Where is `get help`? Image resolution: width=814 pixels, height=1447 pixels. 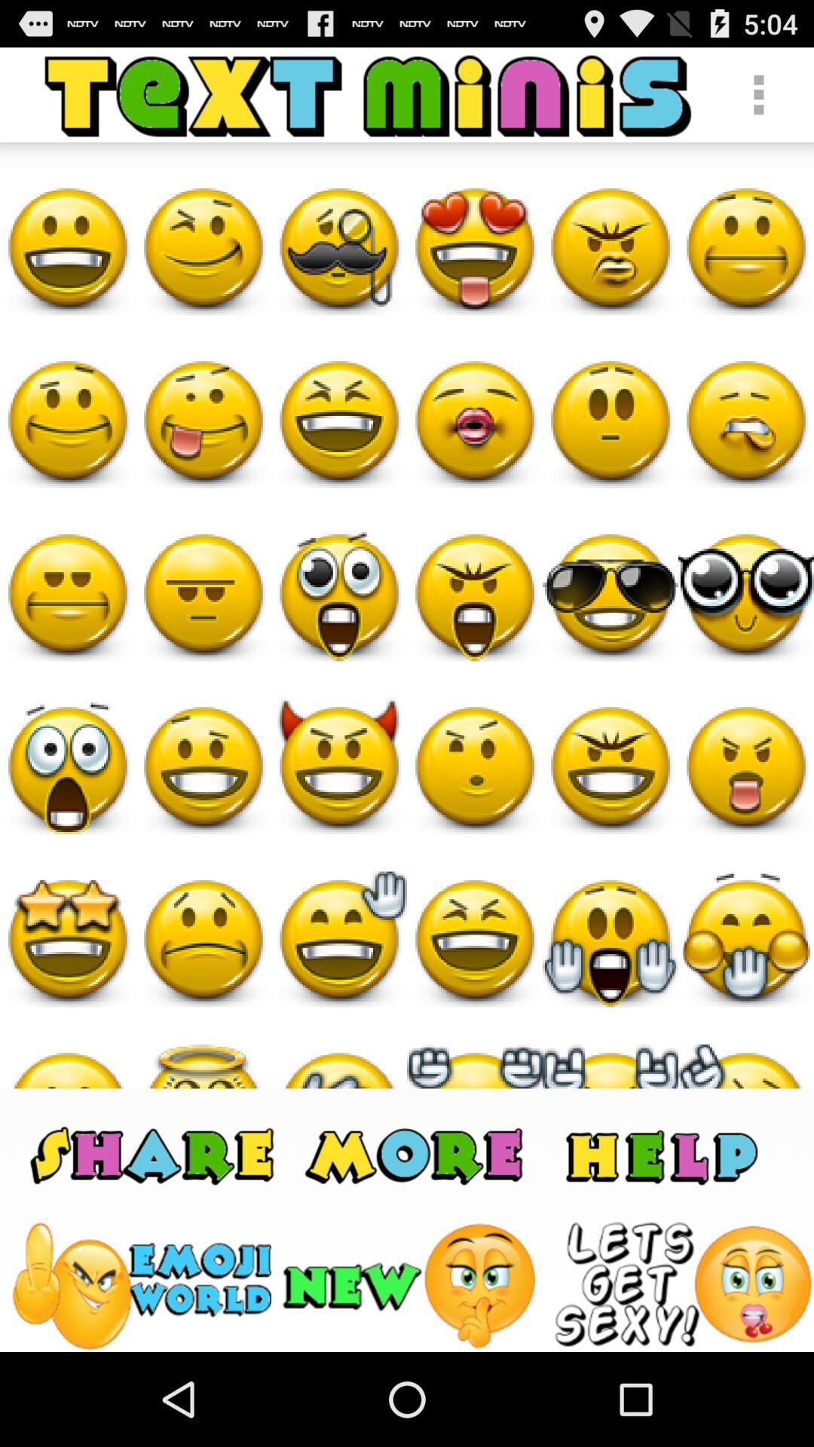 get help is located at coordinates (660, 1153).